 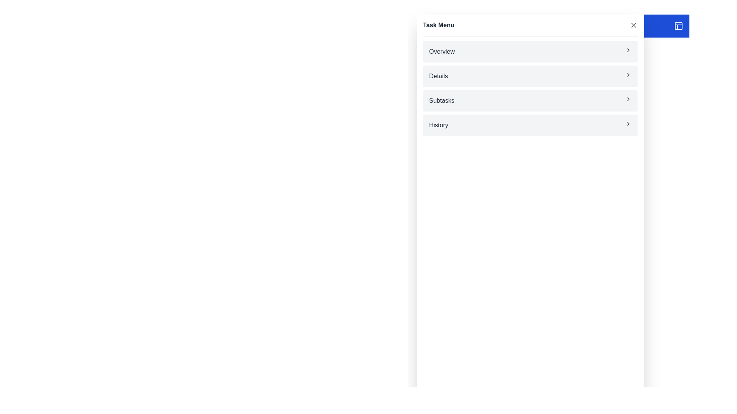 What do you see at coordinates (628, 123) in the screenshot?
I see `the rightward chevron icon next to the 'History' label in the Task Menu, indicating a navigation or expansion function` at bounding box center [628, 123].